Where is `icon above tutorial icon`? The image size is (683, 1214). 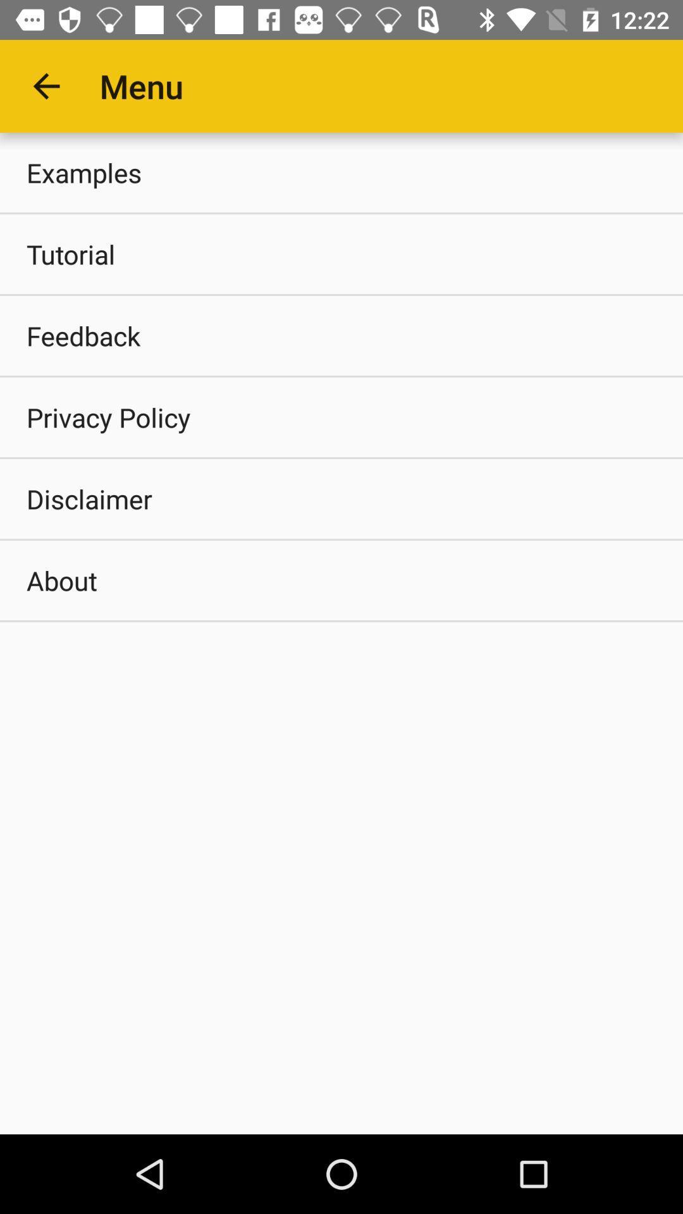
icon above tutorial icon is located at coordinates (341, 172).